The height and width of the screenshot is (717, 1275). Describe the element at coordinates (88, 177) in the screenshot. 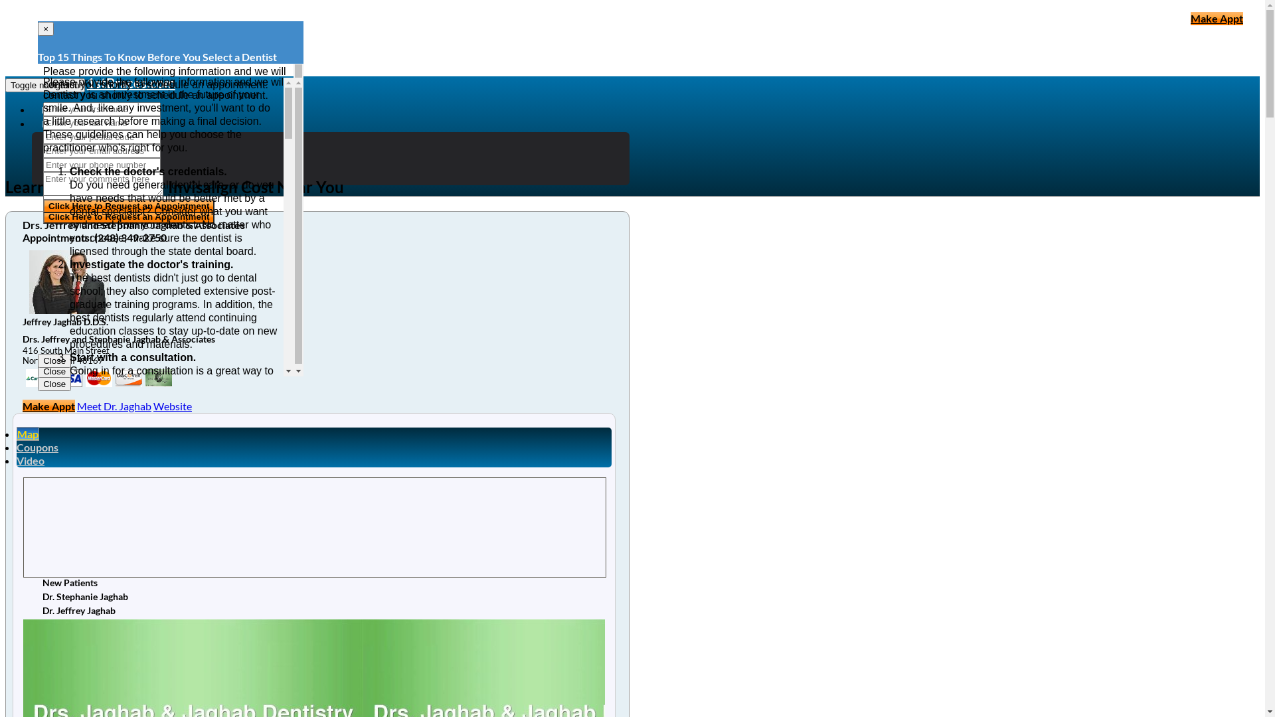

I see `'Orthodontist'` at that location.